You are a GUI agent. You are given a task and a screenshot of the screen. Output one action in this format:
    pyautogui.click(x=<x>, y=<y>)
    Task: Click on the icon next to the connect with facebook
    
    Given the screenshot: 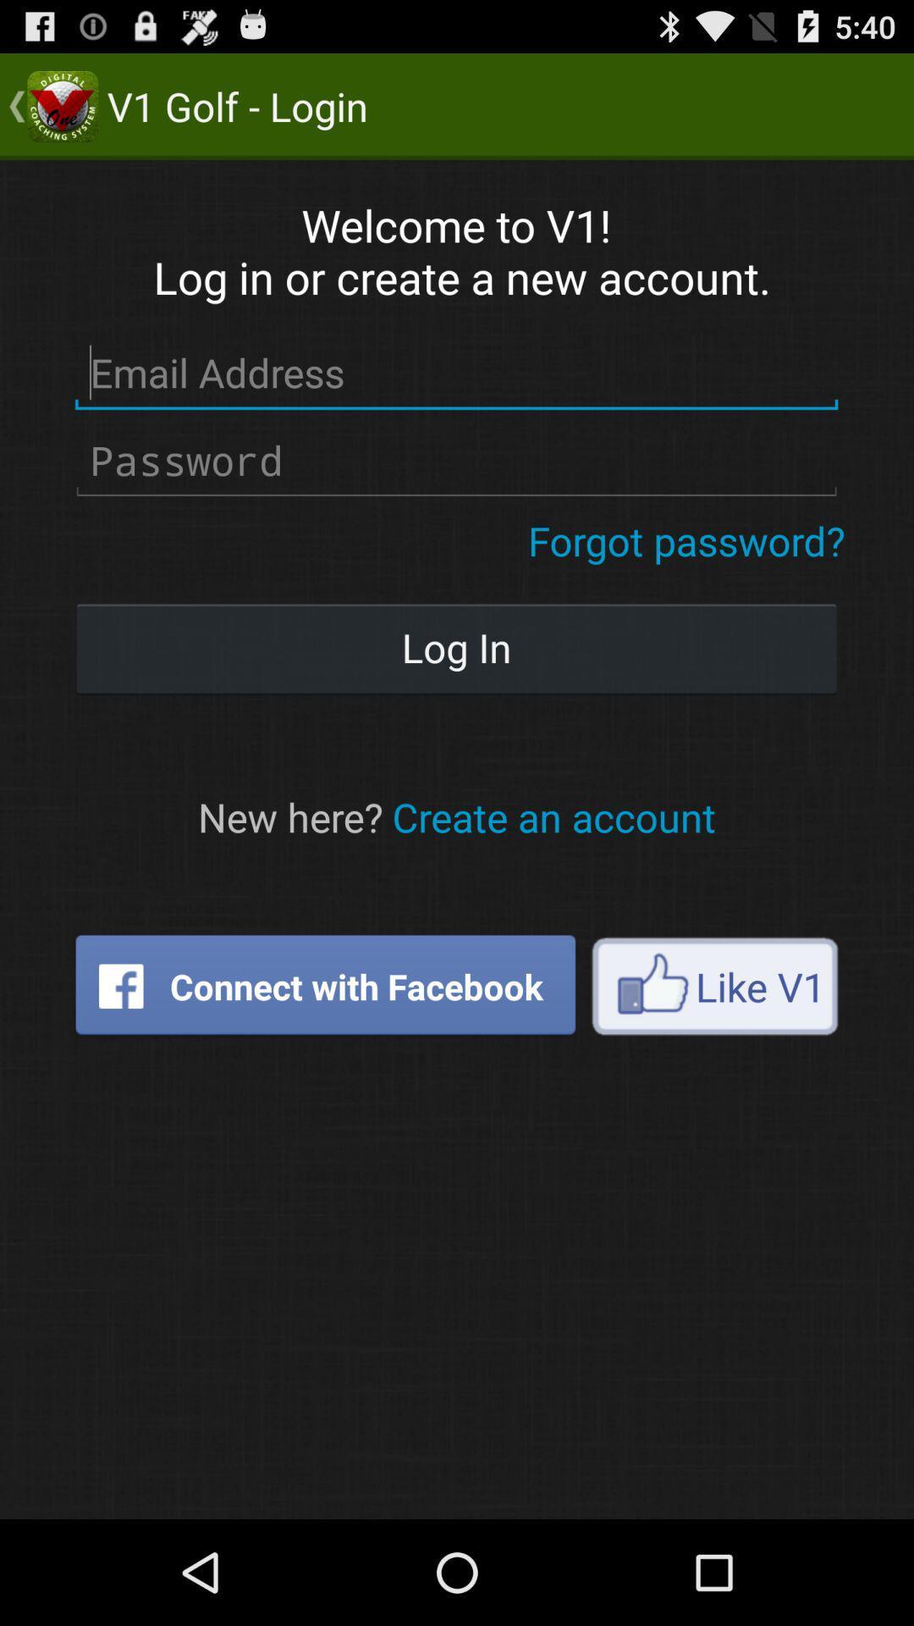 What is the action you would take?
    pyautogui.click(x=714, y=986)
    